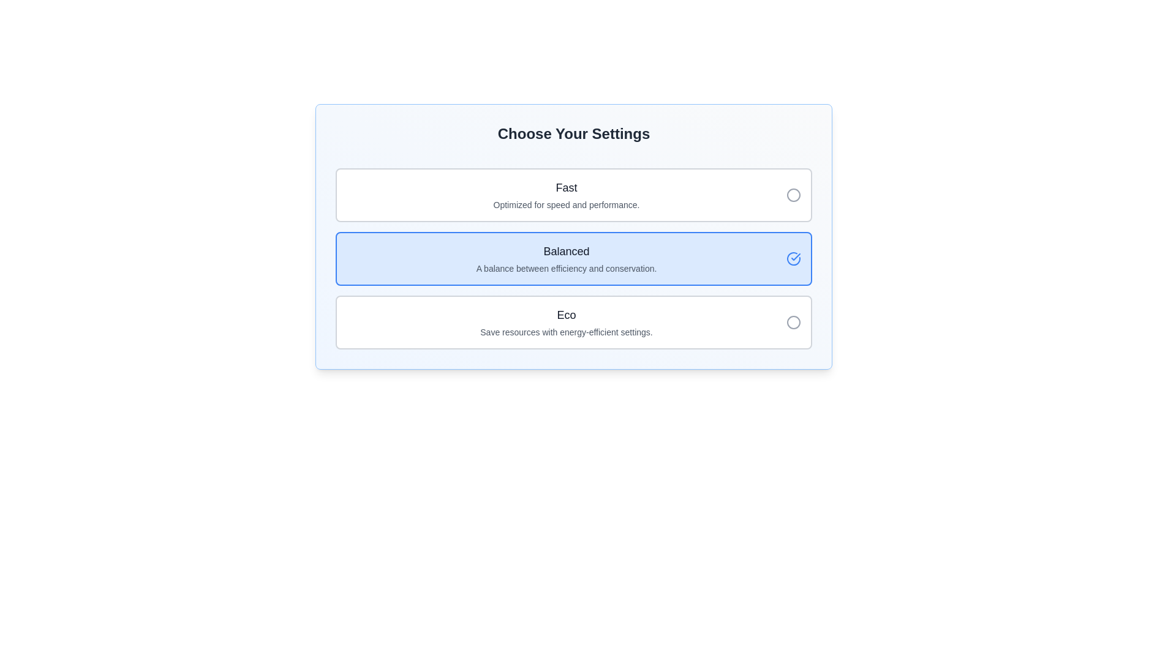 The width and height of the screenshot is (1176, 661). What do you see at coordinates (566, 188) in the screenshot?
I see `the text label displaying 'Fast'` at bounding box center [566, 188].